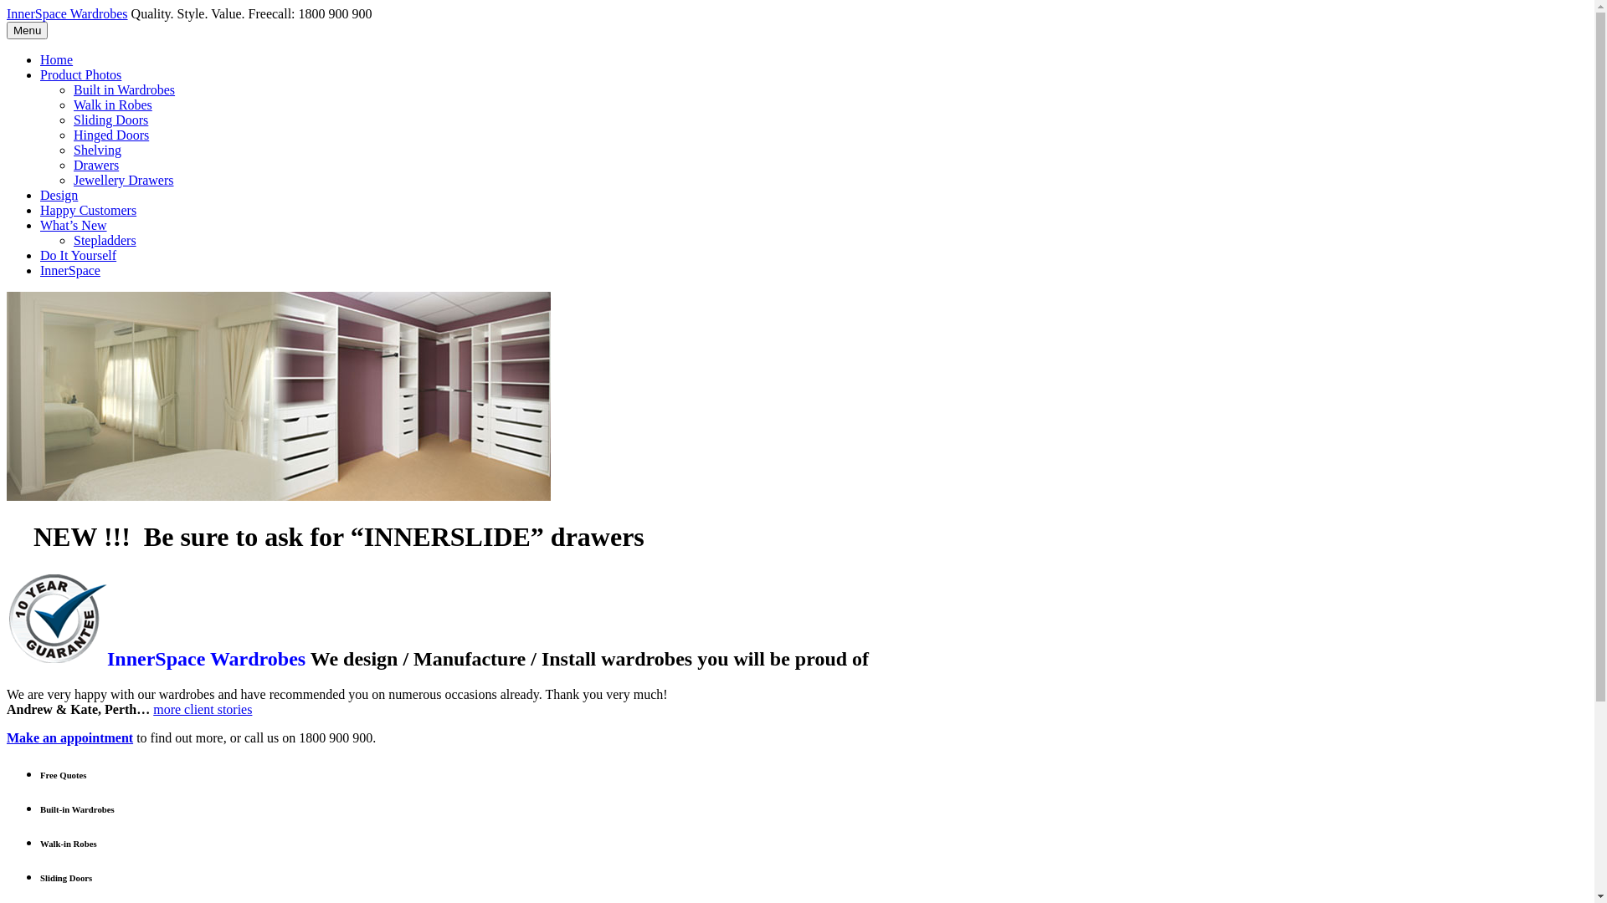 This screenshot has height=903, width=1607. I want to click on 'Menu', so click(27, 30).